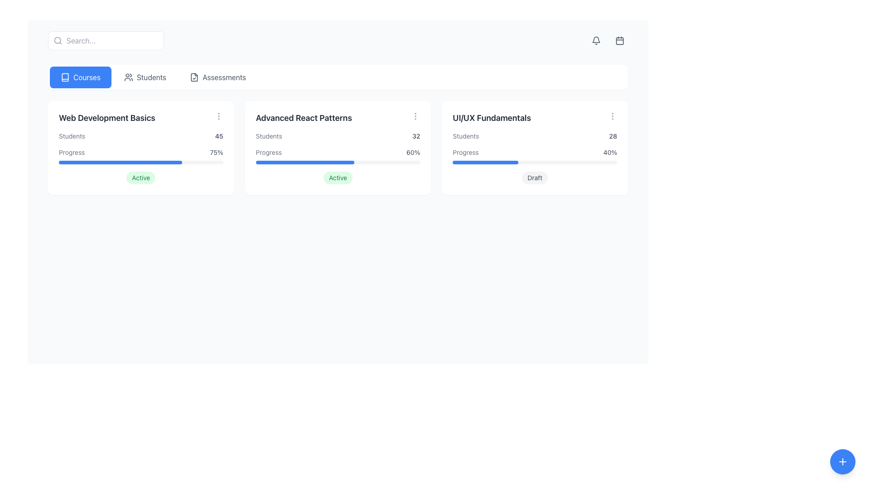 The width and height of the screenshot is (870, 489). What do you see at coordinates (337, 178) in the screenshot?
I see `the 'Active' status indicator badge located at the bottom center of the 'Advanced React Patterns' course card` at bounding box center [337, 178].